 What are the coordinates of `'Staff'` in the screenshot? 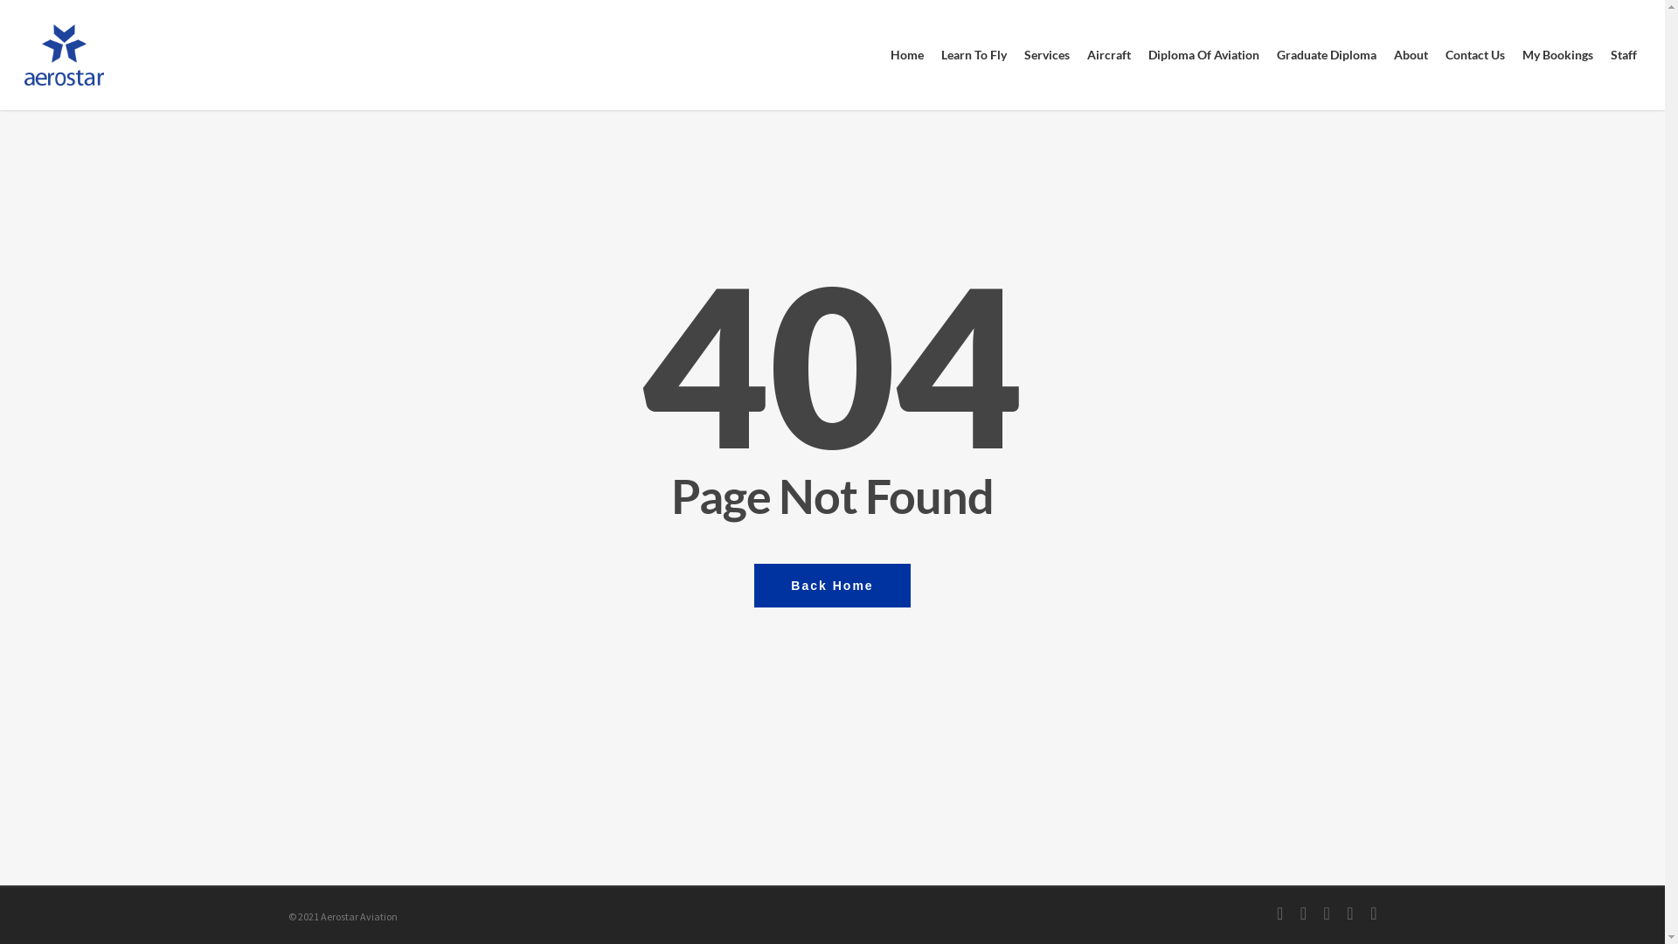 It's located at (1622, 53).